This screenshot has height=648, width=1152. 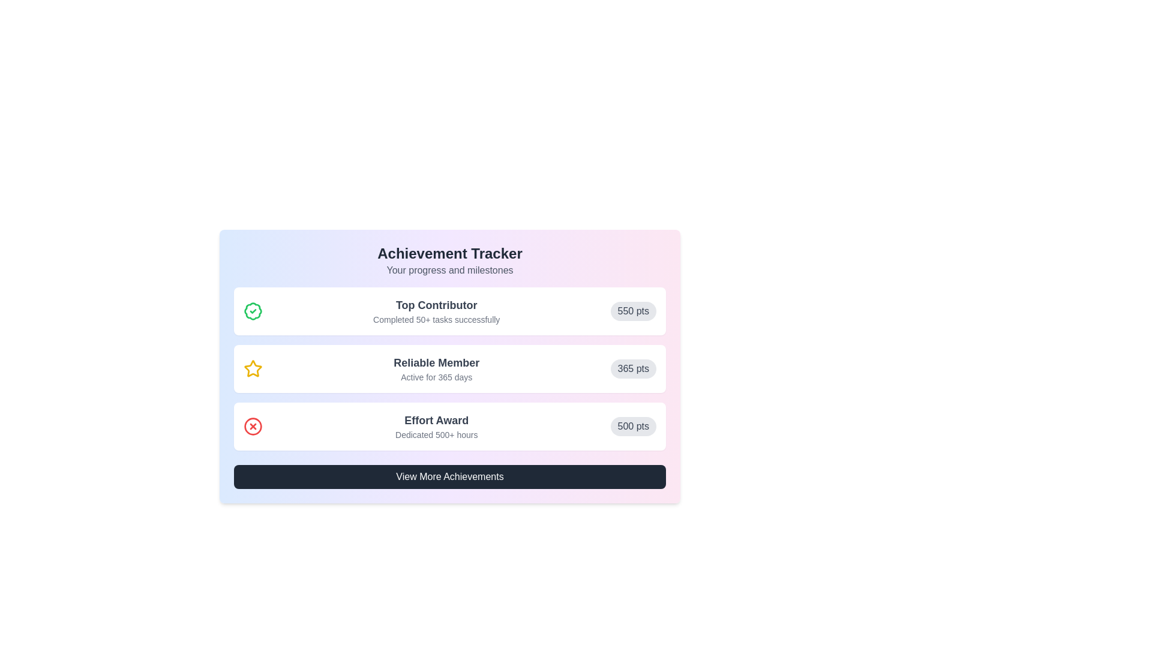 I want to click on the decorative green circular badge icon with a wavy border located on the far left of the 'Top Contributor' row of the achievement tracker, so click(x=253, y=311).